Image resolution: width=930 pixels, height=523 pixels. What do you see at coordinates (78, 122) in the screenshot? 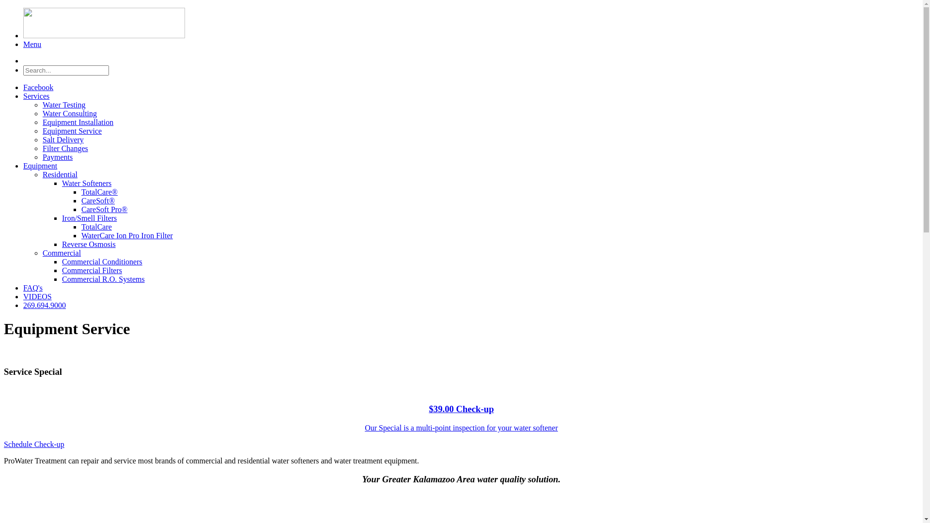
I see `'Equipment Installation'` at bounding box center [78, 122].